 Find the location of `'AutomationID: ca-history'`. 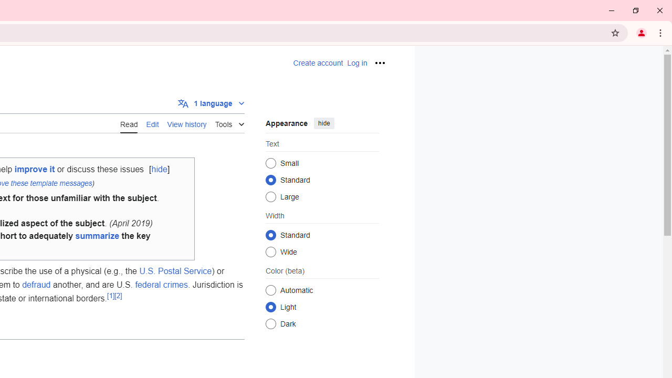

'AutomationID: ca-history' is located at coordinates (186, 122).